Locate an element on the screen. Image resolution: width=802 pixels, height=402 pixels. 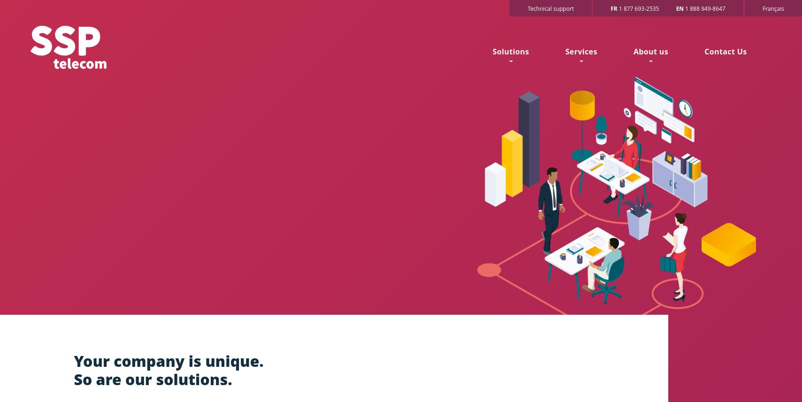
'SME' is located at coordinates (516, 85).